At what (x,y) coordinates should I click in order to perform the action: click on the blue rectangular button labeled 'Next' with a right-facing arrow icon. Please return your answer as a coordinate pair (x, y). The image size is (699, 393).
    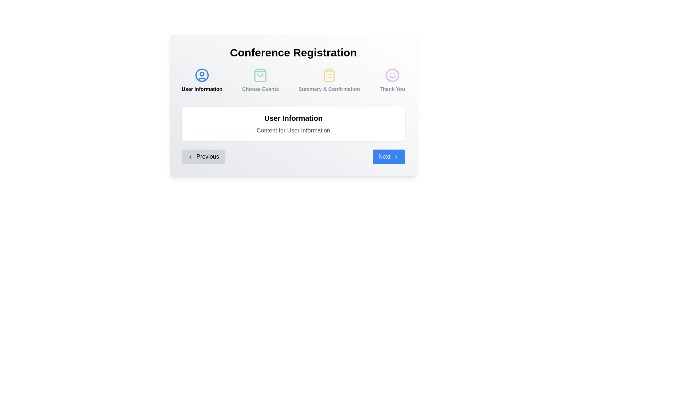
    Looking at the image, I should click on (388, 156).